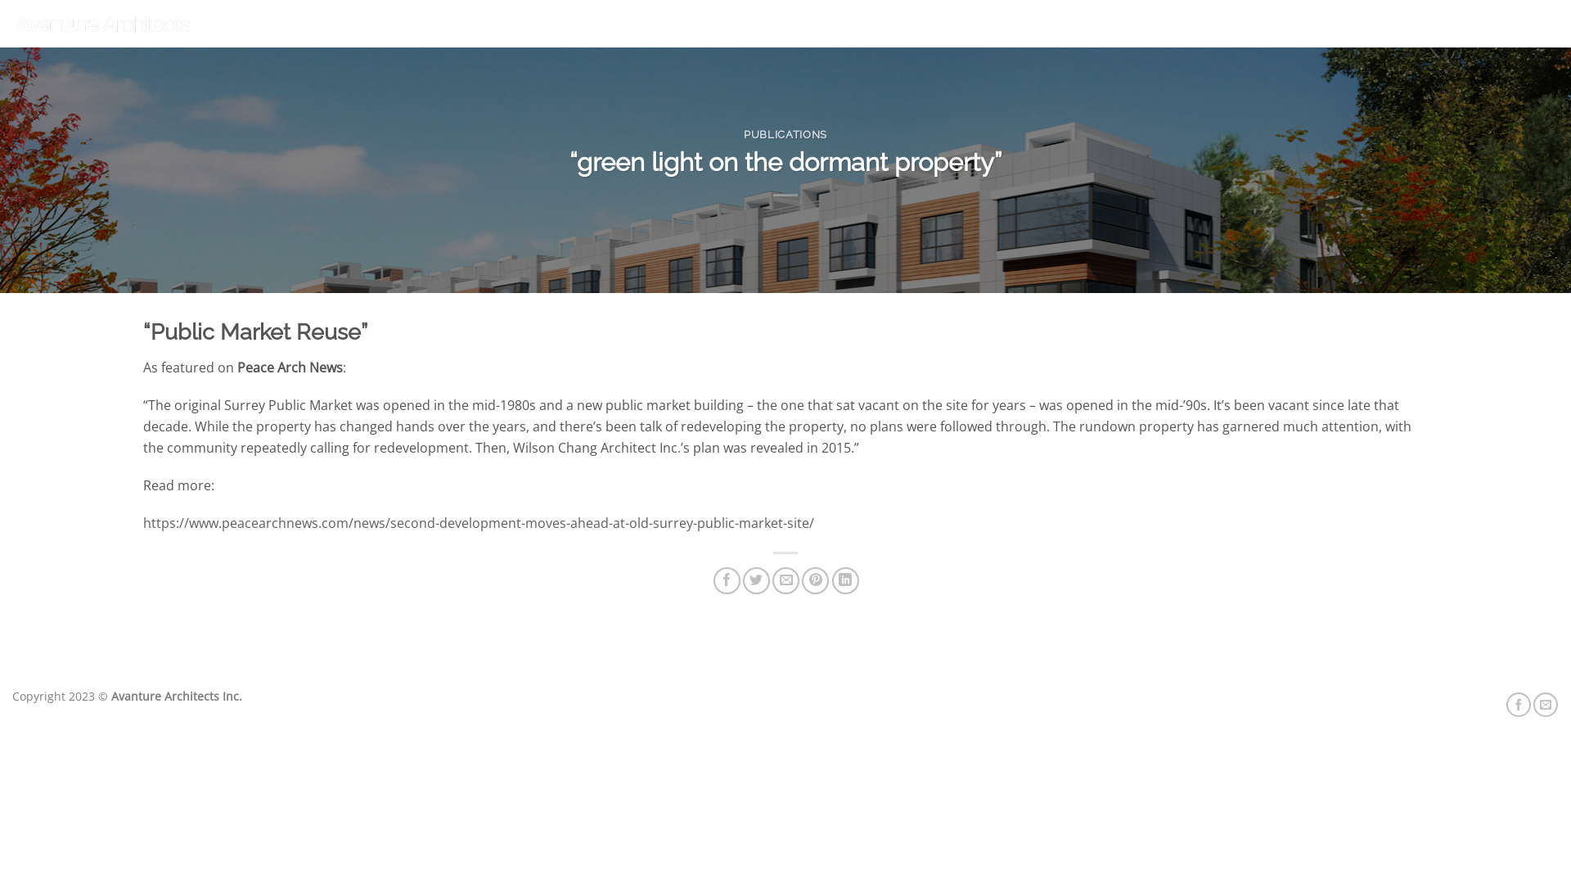 This screenshot has width=1571, height=884. Describe the element at coordinates (785, 133) in the screenshot. I see `'PUBLICATIONS'` at that location.